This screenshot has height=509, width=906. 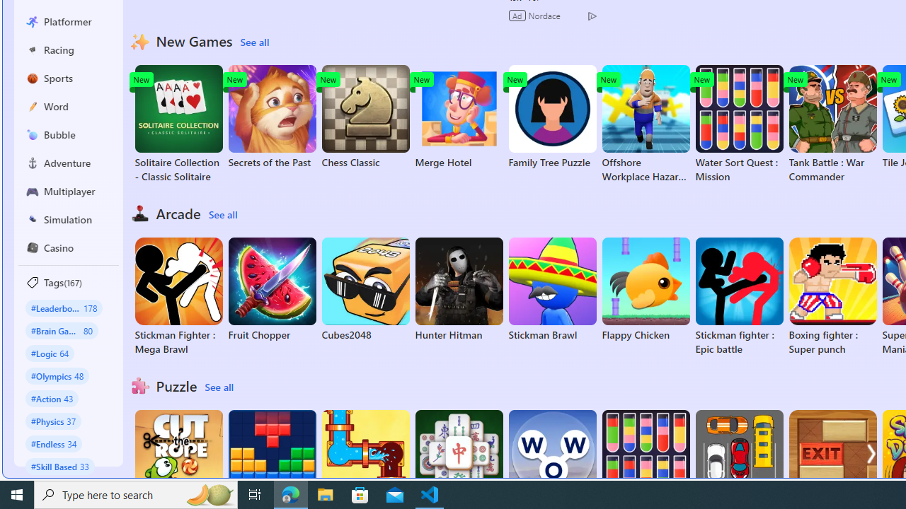 I want to click on '#Action 43', so click(x=52, y=398).